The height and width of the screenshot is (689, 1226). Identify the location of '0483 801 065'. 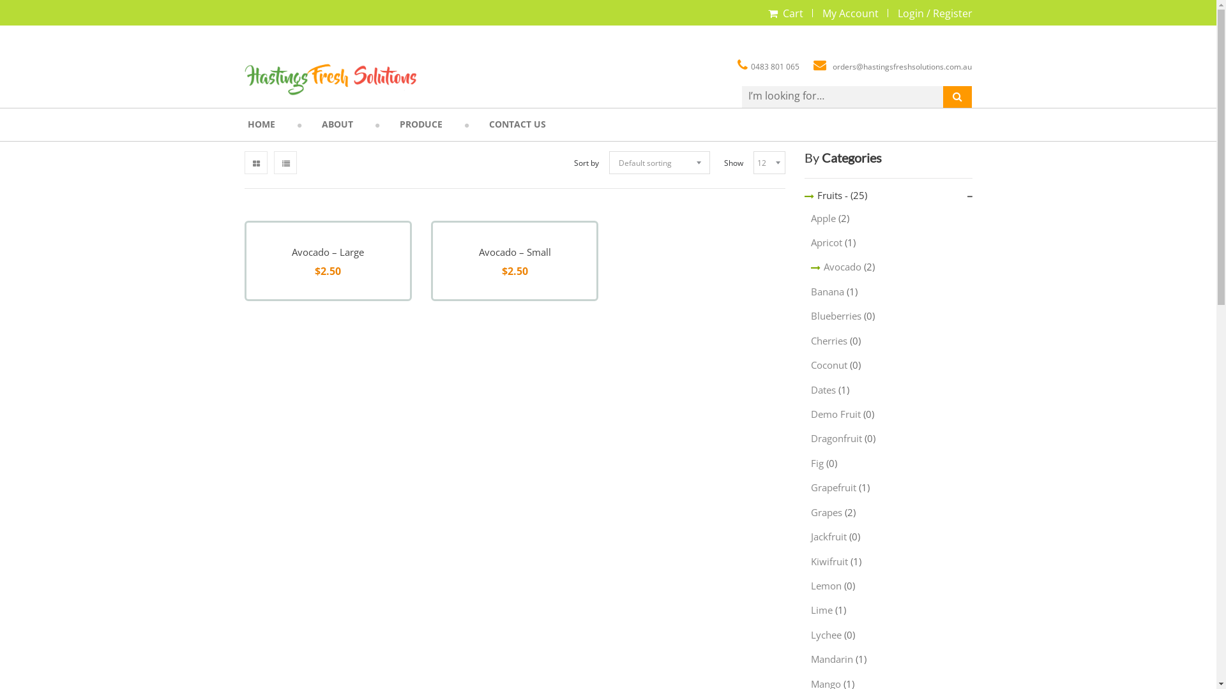
(768, 66).